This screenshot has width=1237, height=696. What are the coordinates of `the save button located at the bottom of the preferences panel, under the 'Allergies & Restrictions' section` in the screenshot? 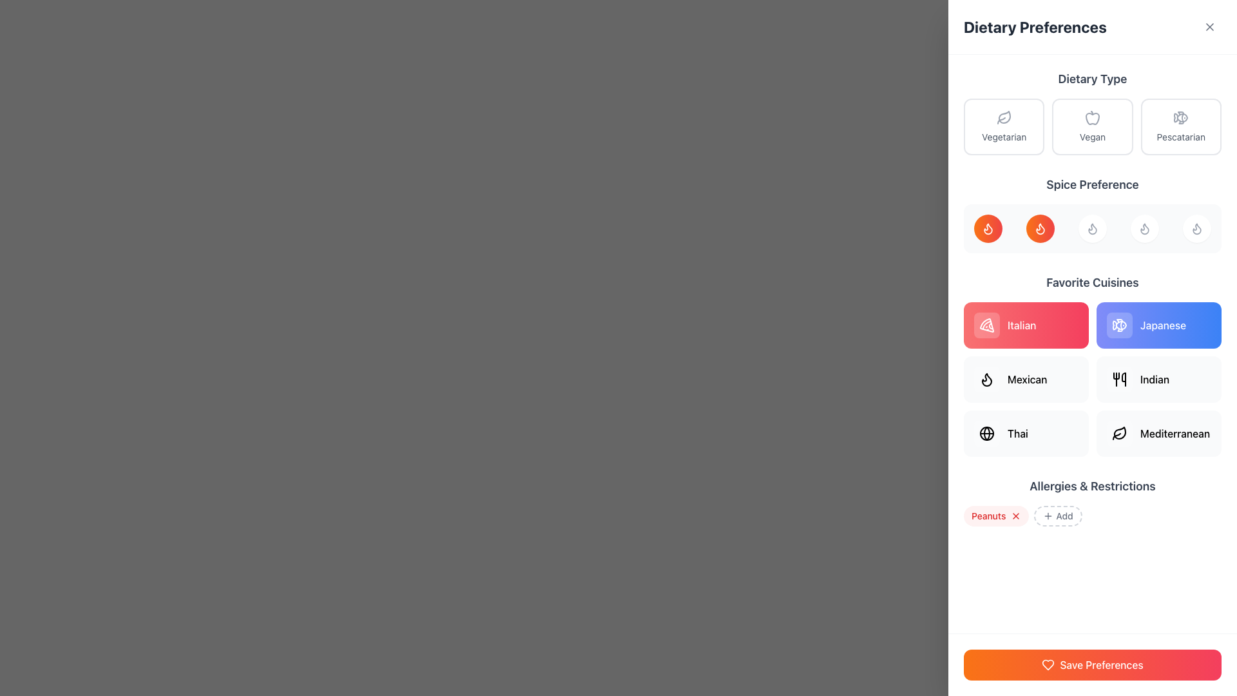 It's located at (1091, 665).